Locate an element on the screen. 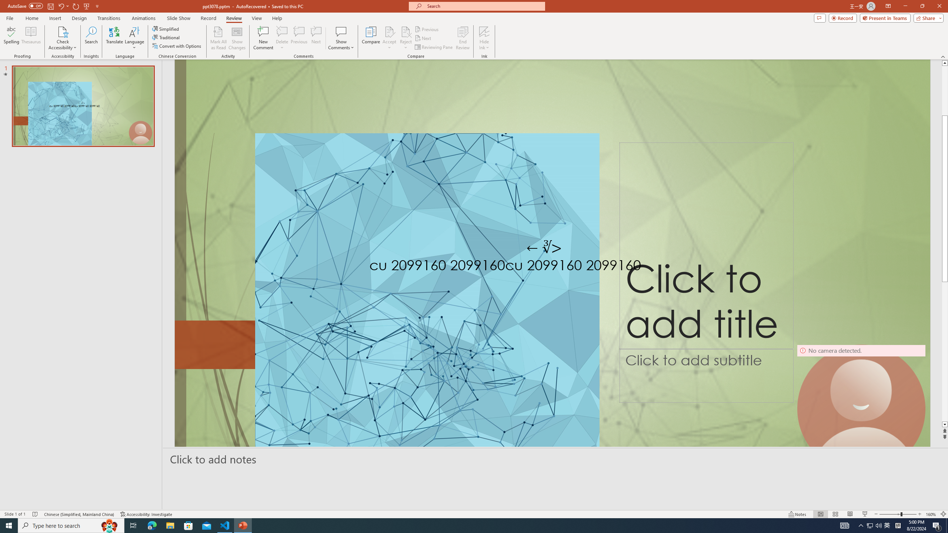 This screenshot has height=533, width=948. 'Show Comments' is located at coordinates (341, 38).